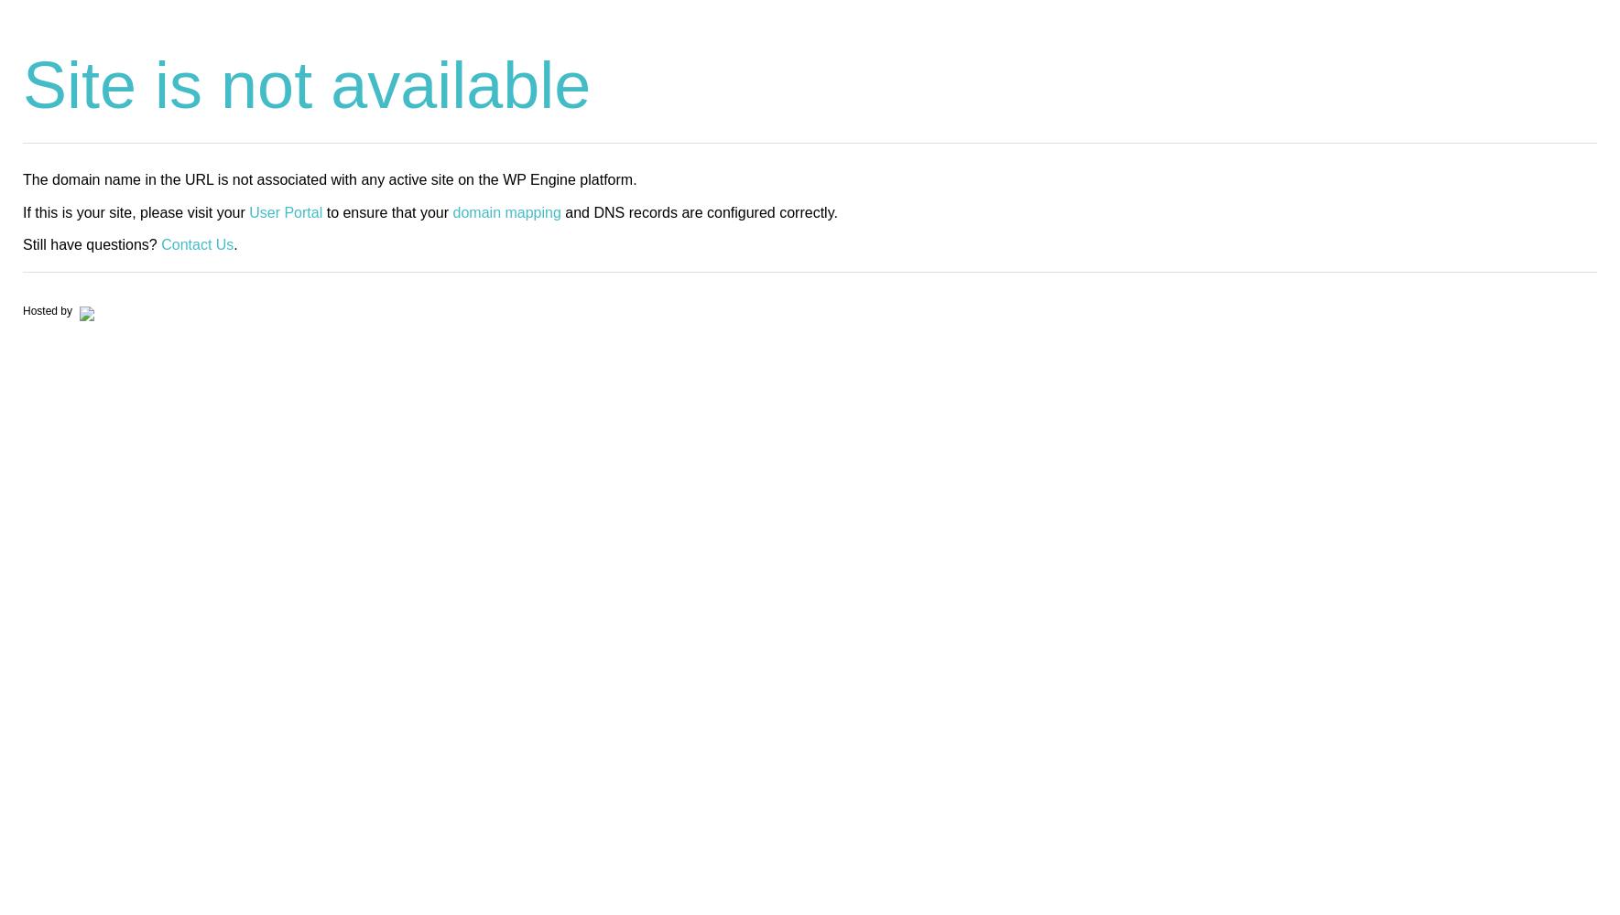  Describe the element at coordinates (21, 210) in the screenshot. I see `'If this is your site, please visit your'` at that location.